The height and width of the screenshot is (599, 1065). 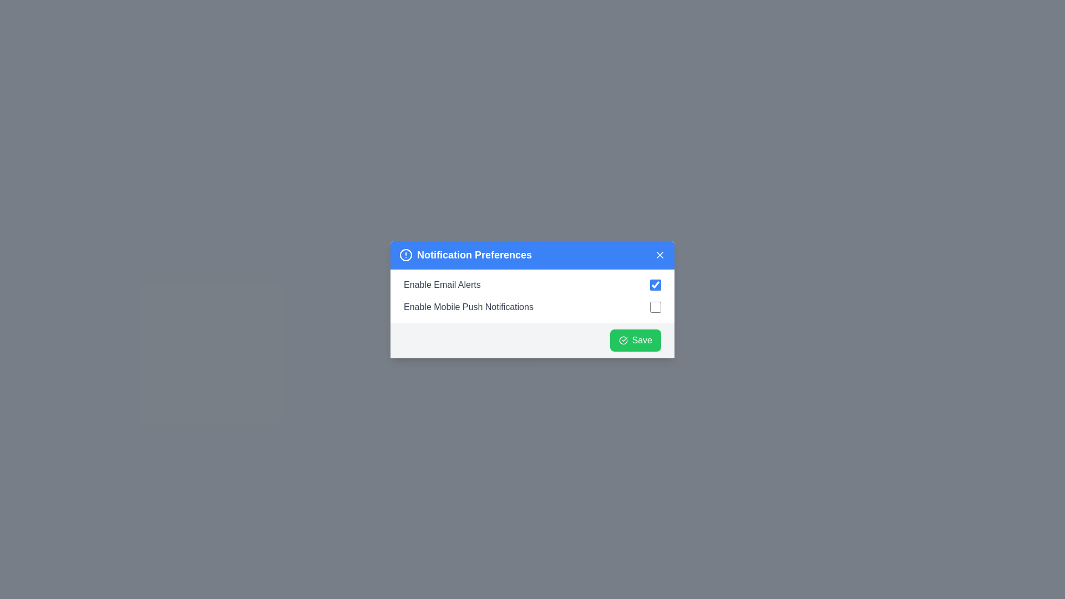 I want to click on the title or heading text element located in the header section of the settings window, which provides context for the user about the settings they can modify, so click(x=465, y=255).